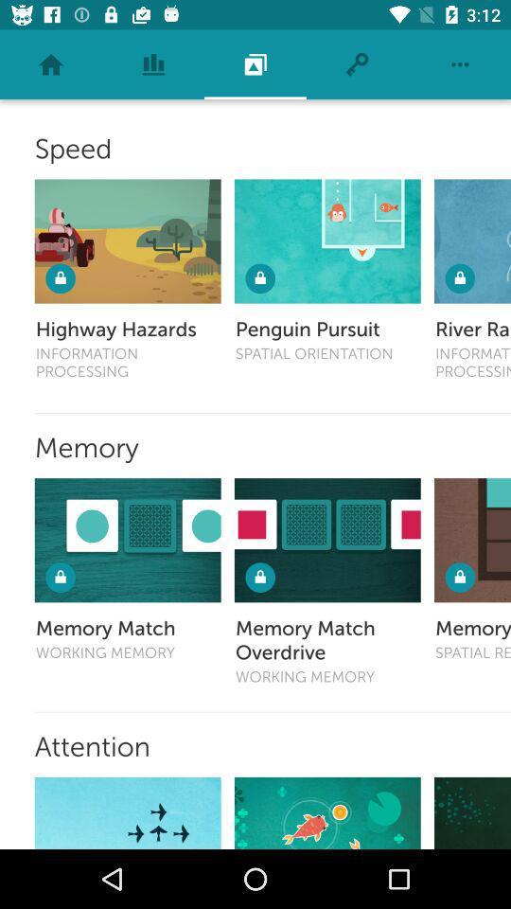 This screenshot has height=909, width=511. Describe the element at coordinates (326, 540) in the screenshot. I see `open memory match overdrive game` at that location.